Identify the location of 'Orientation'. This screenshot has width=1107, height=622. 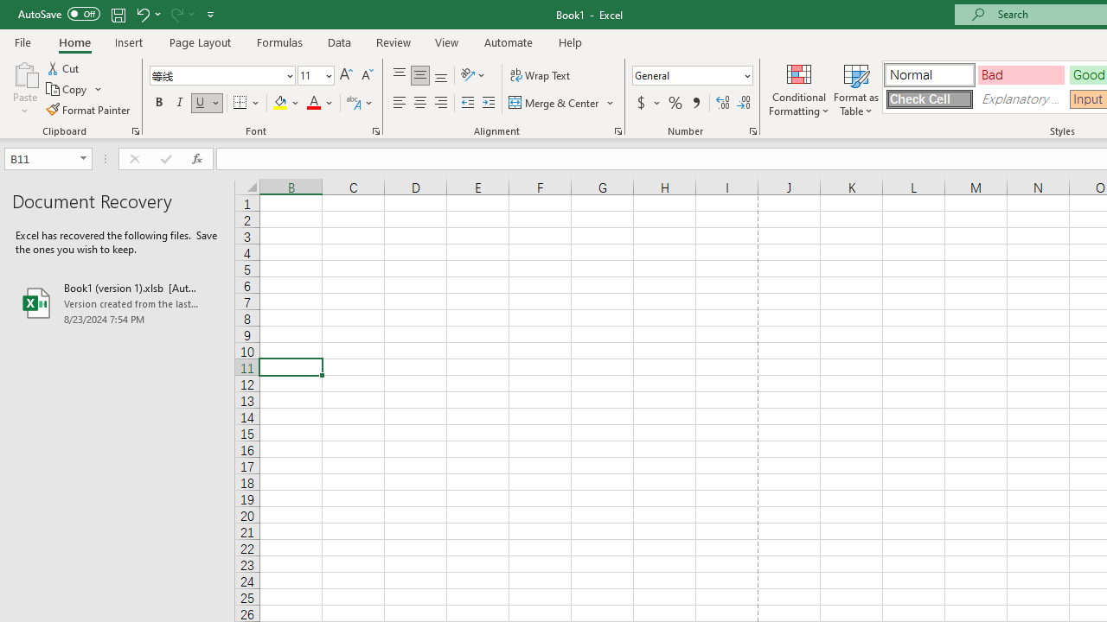
(473, 74).